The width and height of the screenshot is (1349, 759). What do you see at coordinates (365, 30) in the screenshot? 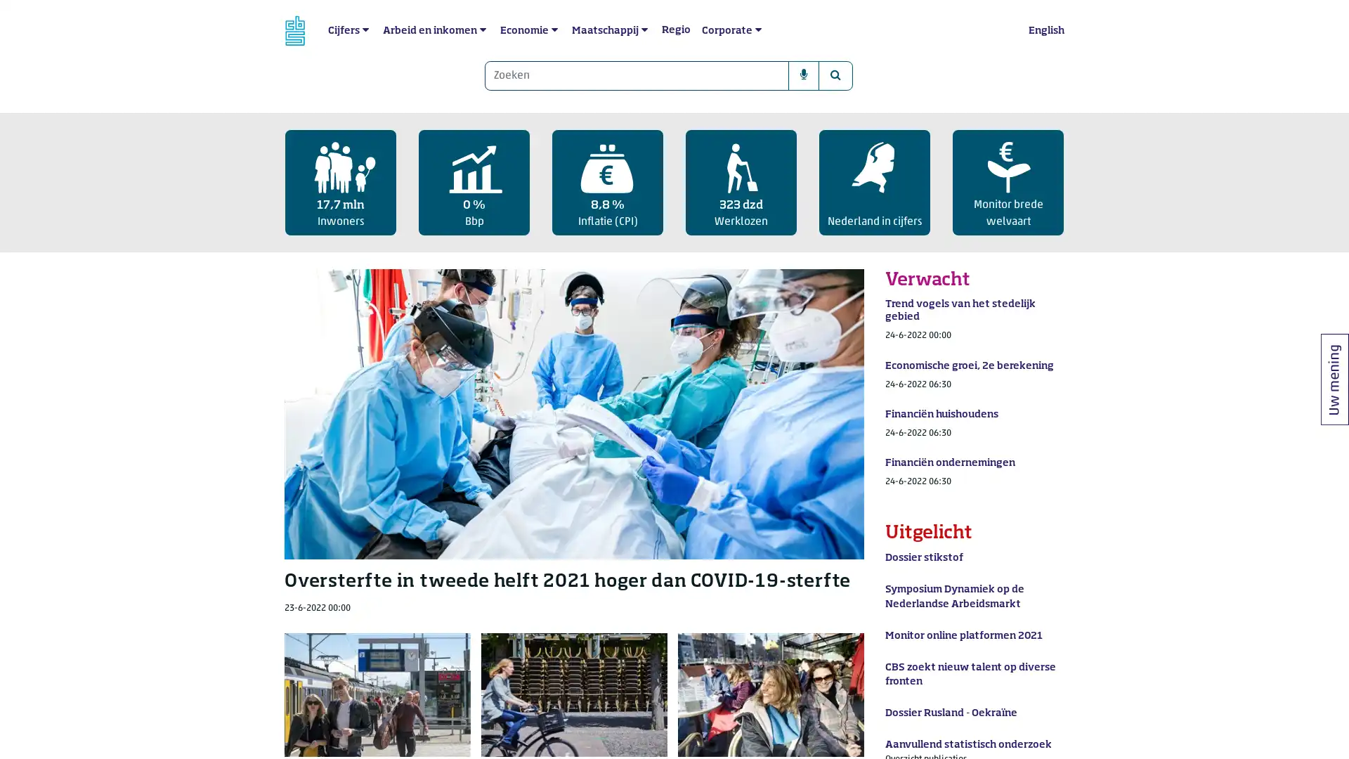
I see `submenu Cijfers` at bounding box center [365, 30].